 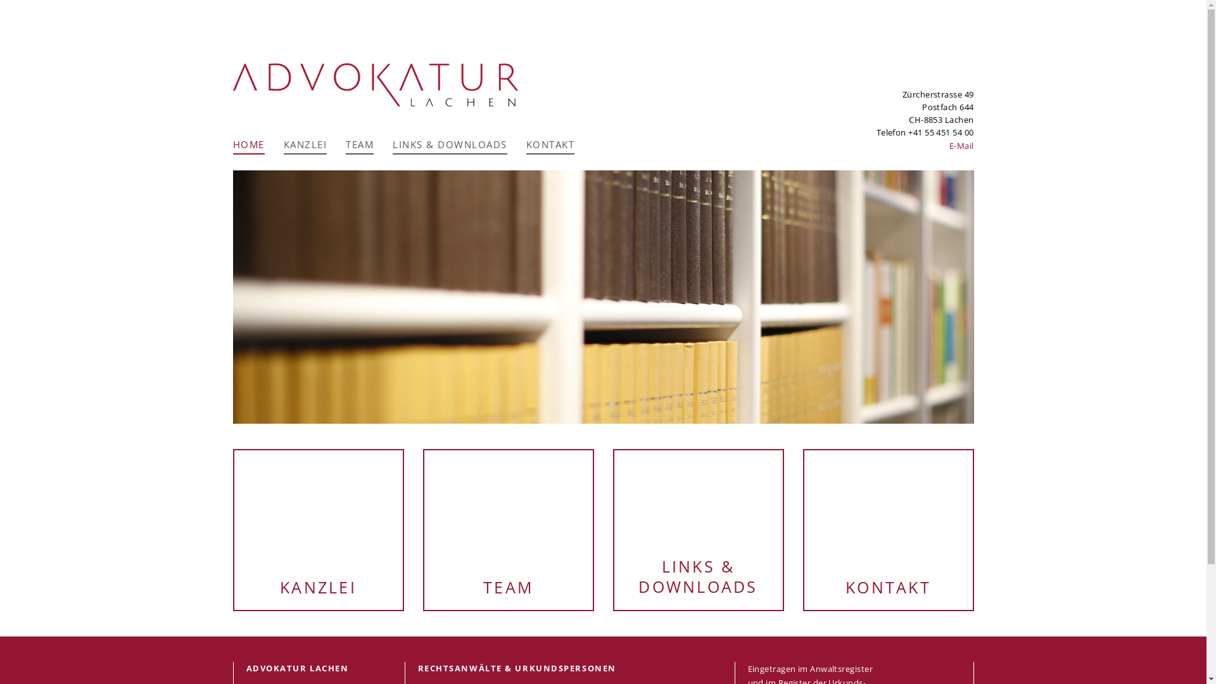 I want to click on 'KANZLEI', so click(x=319, y=529).